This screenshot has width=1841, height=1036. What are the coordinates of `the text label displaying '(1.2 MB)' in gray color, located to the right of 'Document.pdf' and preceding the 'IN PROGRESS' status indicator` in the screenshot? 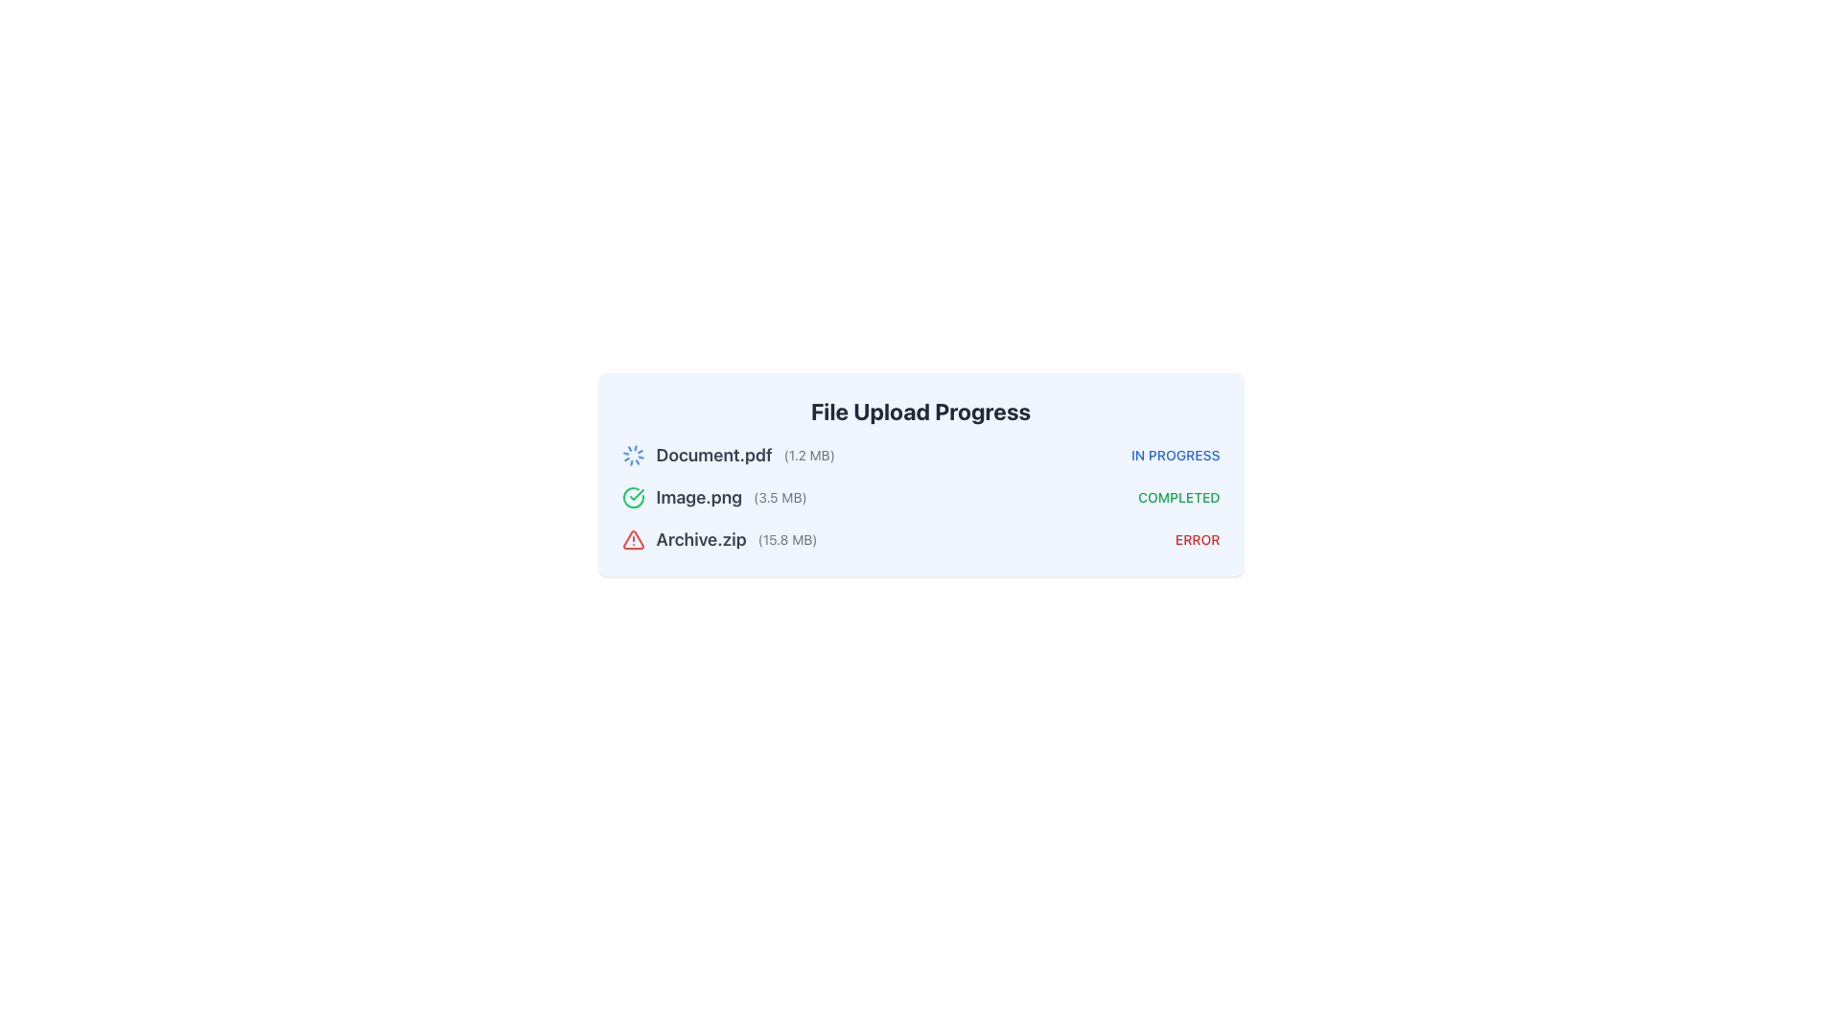 It's located at (809, 455).